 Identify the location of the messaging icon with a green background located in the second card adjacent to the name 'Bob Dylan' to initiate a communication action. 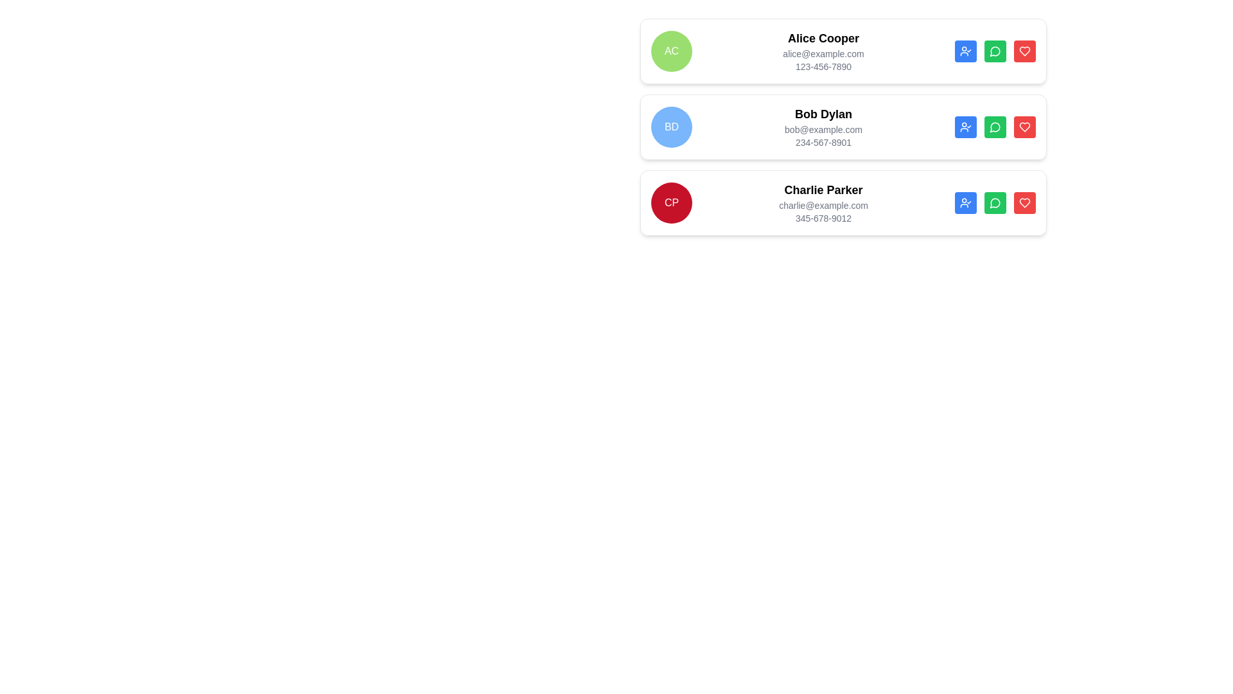
(994, 127).